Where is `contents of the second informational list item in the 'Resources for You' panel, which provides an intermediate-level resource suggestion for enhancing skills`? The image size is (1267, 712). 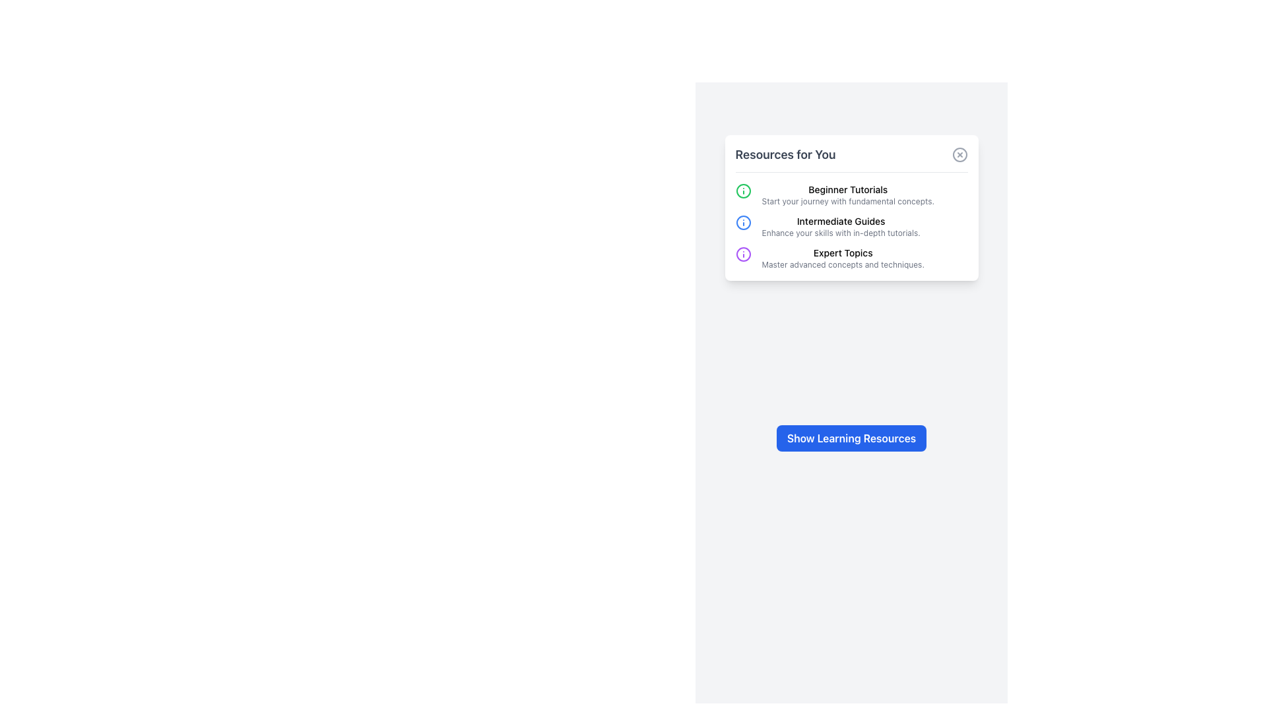 contents of the second informational list item in the 'Resources for You' panel, which provides an intermediate-level resource suggestion for enhancing skills is located at coordinates (851, 225).